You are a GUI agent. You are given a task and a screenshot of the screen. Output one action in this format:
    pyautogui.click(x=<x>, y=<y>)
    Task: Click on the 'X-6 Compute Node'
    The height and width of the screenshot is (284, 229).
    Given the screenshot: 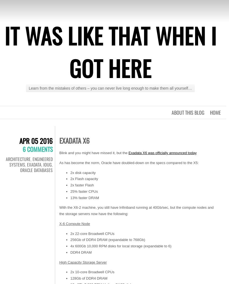 What is the action you would take?
    pyautogui.click(x=74, y=223)
    